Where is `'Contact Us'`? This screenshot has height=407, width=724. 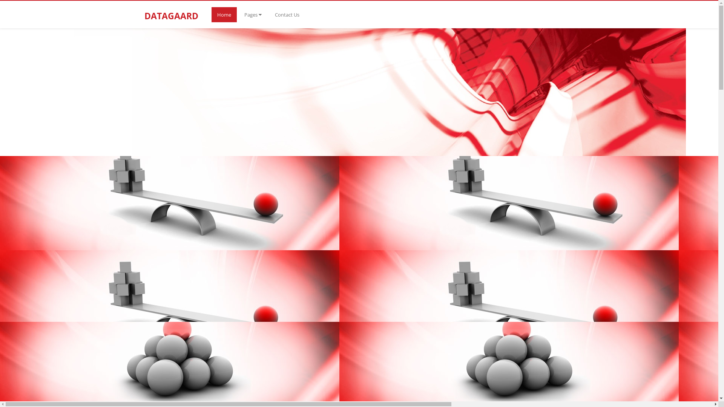 'Contact Us' is located at coordinates (287, 14).